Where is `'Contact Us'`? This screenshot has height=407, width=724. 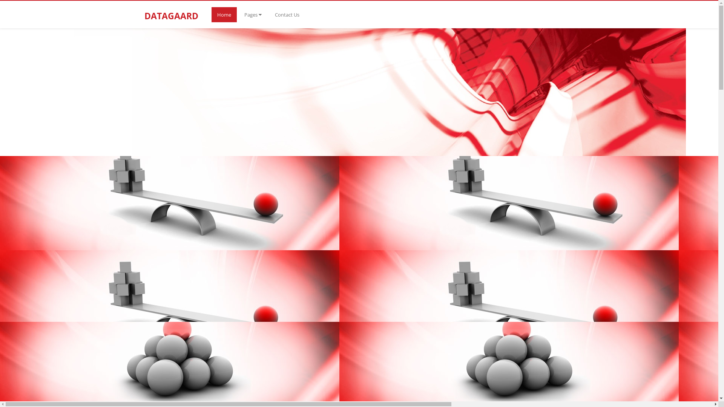 'Contact Us' is located at coordinates (287, 14).